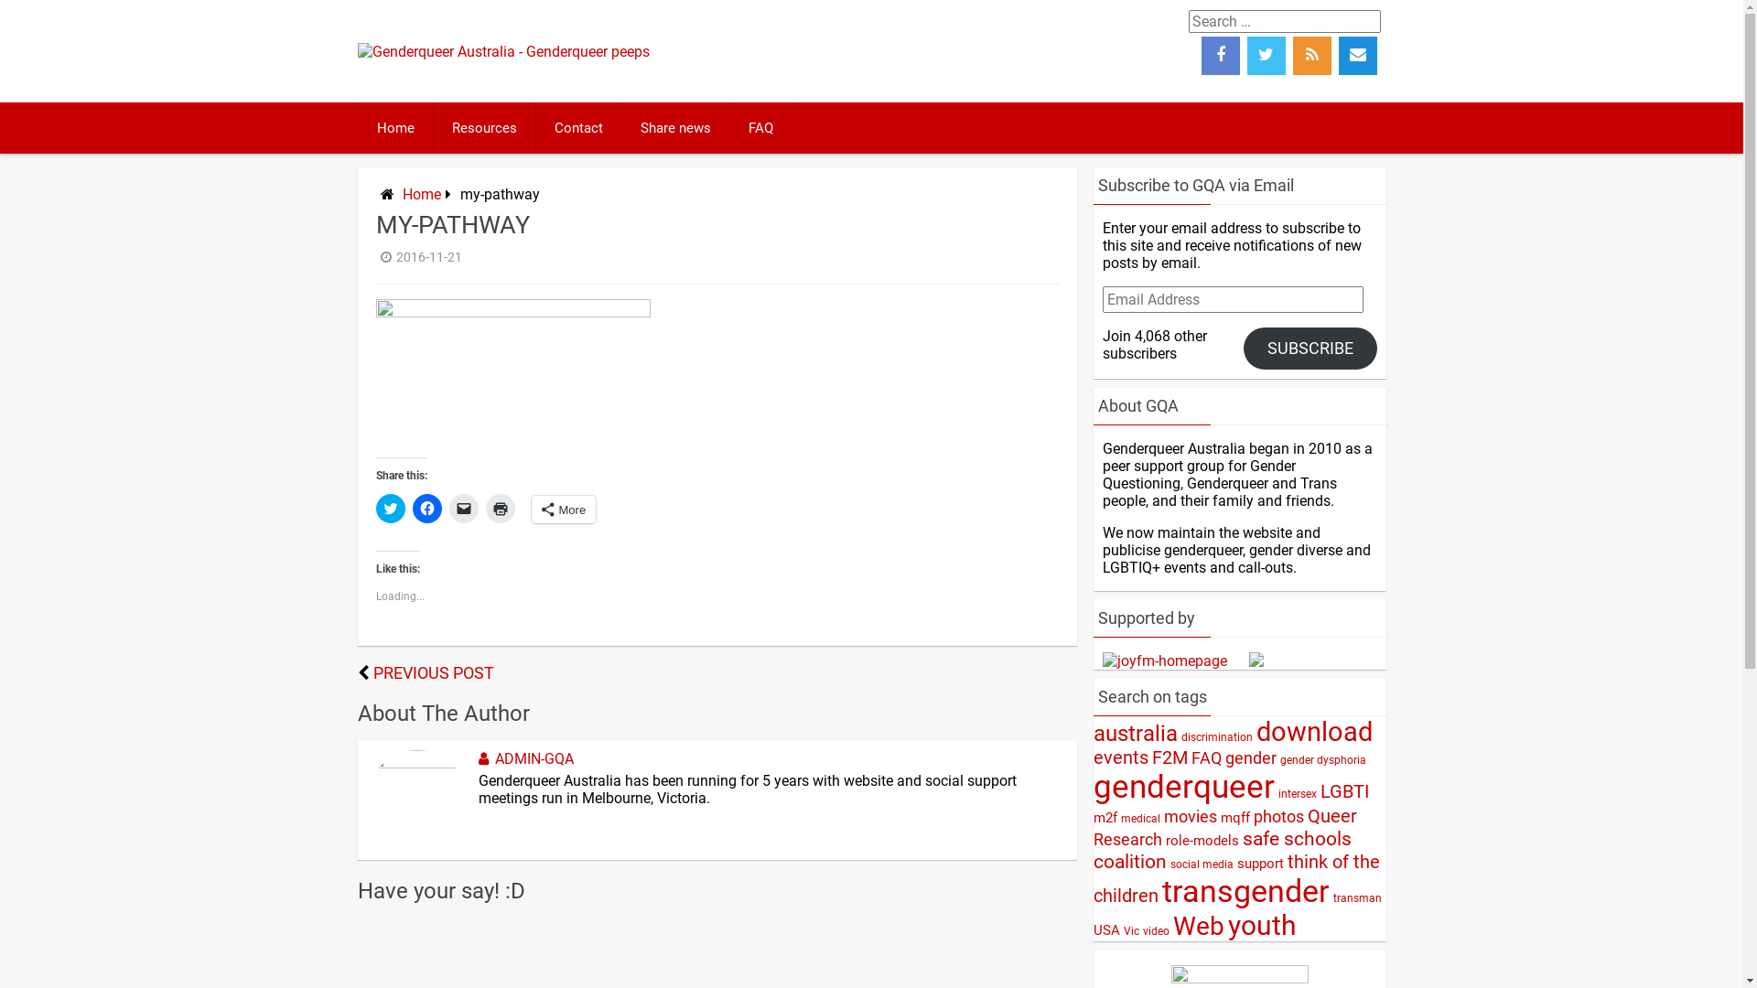 This screenshot has height=988, width=1757. What do you see at coordinates (1277, 816) in the screenshot?
I see `'photos'` at bounding box center [1277, 816].